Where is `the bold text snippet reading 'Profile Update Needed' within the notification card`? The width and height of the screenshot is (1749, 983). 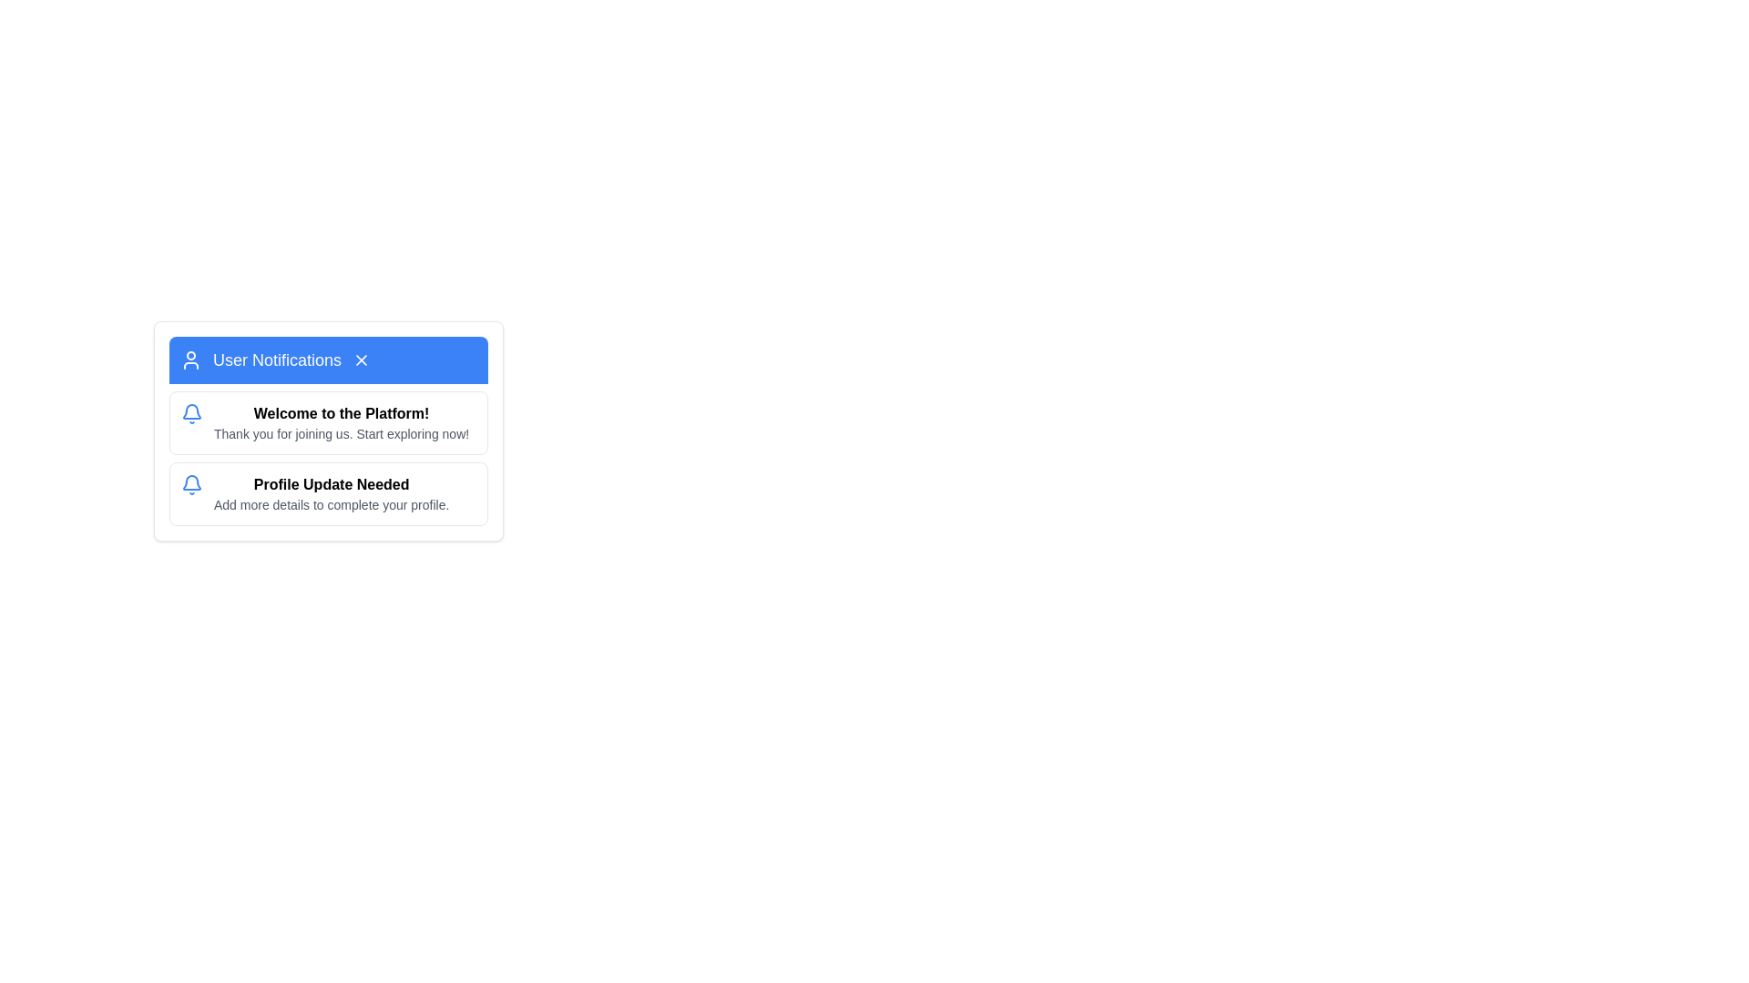
the bold text snippet reading 'Profile Update Needed' within the notification card is located at coordinates (332, 483).